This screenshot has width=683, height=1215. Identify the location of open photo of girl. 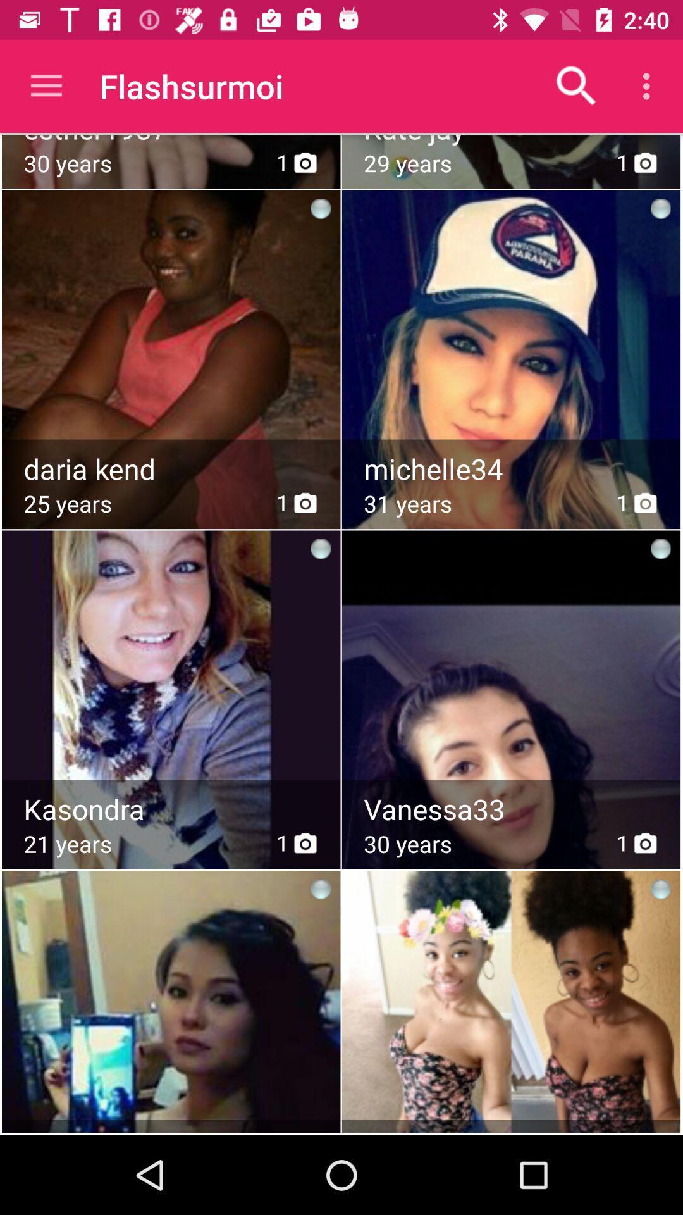
(171, 668).